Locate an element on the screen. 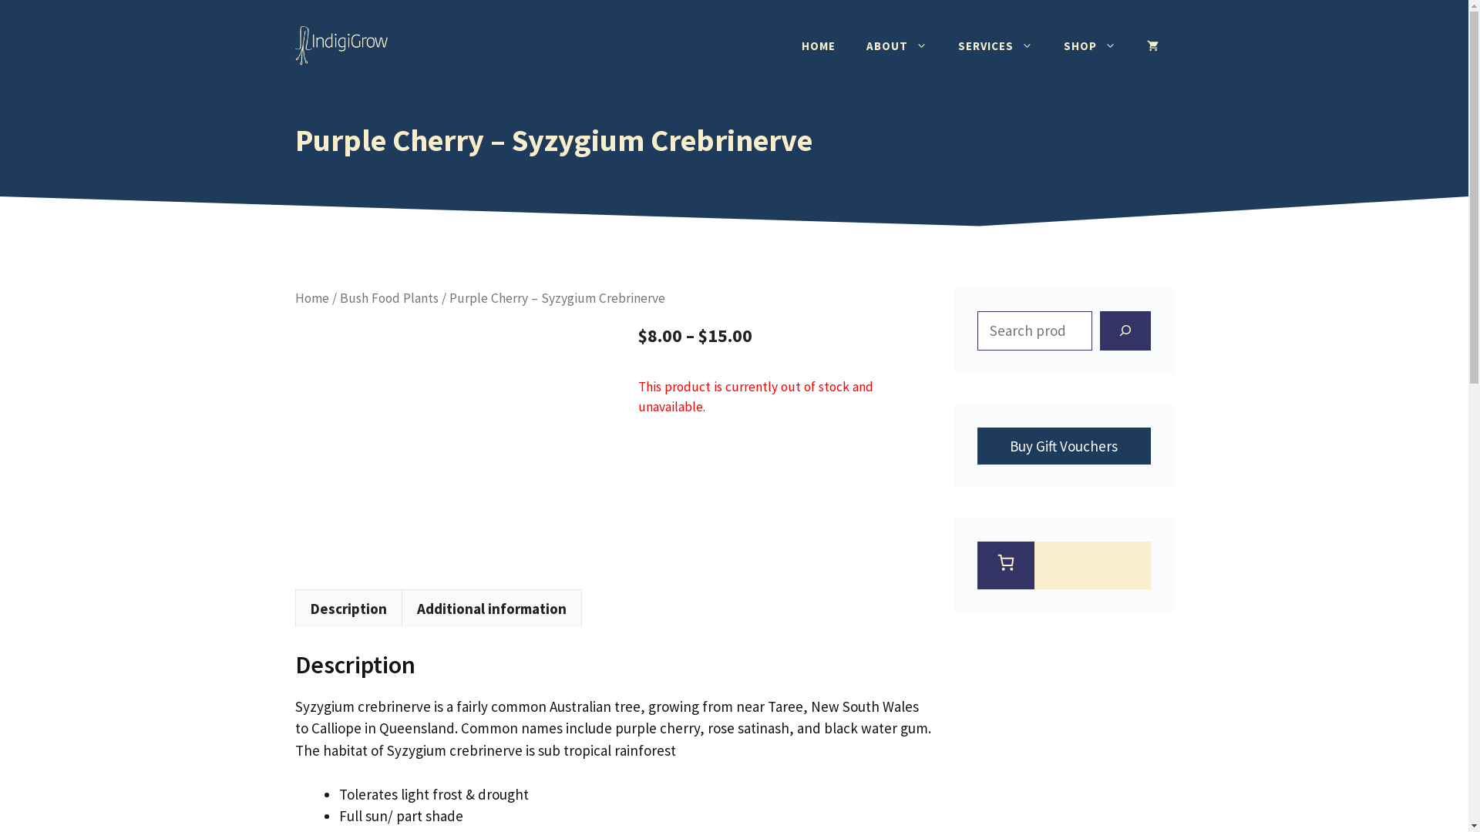 Image resolution: width=1480 pixels, height=832 pixels. 'HOME' is located at coordinates (817, 45).